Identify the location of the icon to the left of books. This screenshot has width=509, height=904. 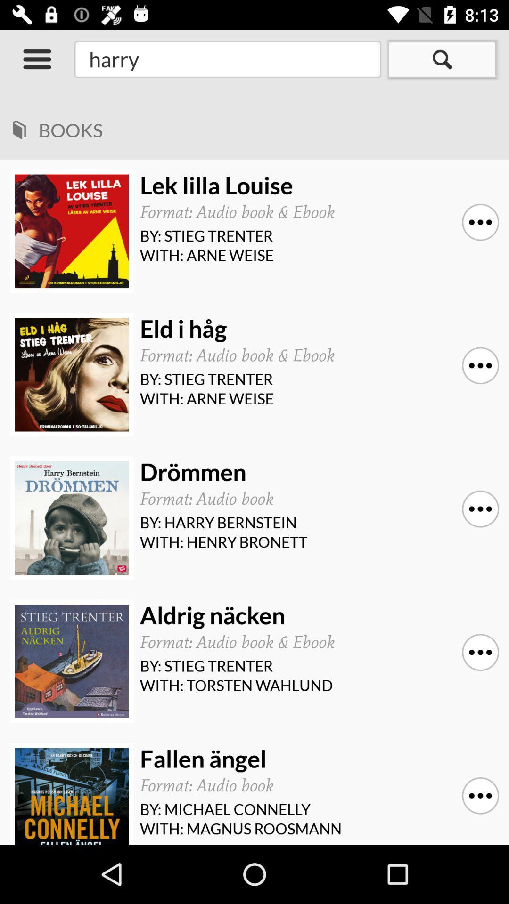
(19, 126).